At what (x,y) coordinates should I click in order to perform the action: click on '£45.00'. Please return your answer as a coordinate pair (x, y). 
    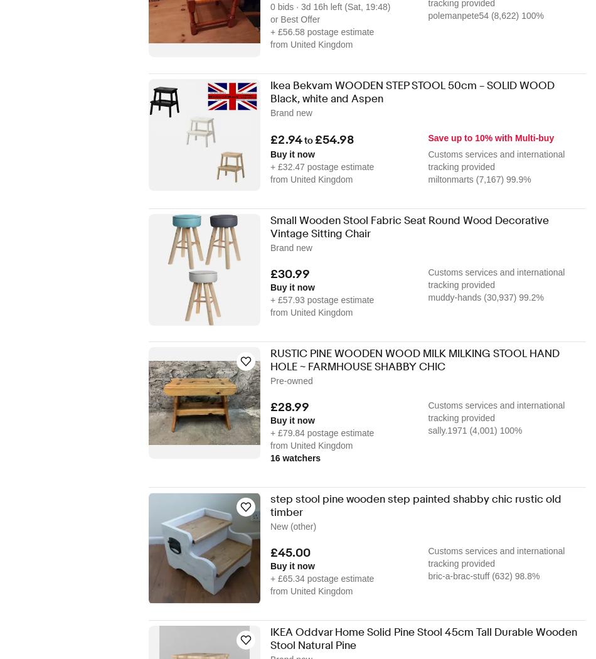
    Looking at the image, I should click on (290, 552).